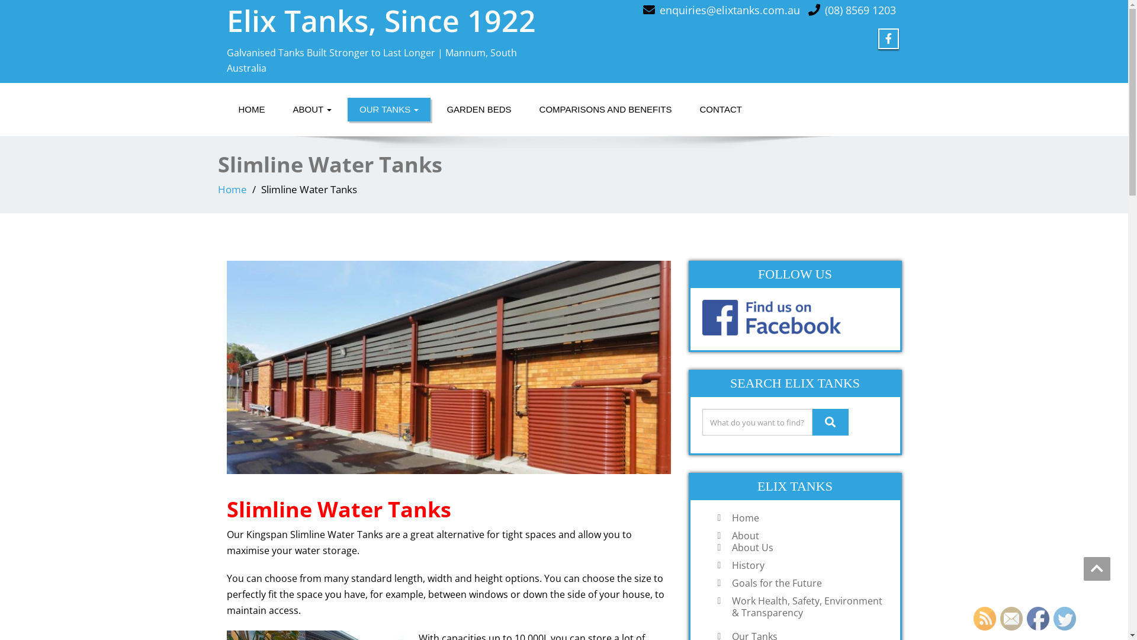 The height and width of the screenshot is (640, 1137). I want to click on 'Follow by Email', so click(1000, 618).